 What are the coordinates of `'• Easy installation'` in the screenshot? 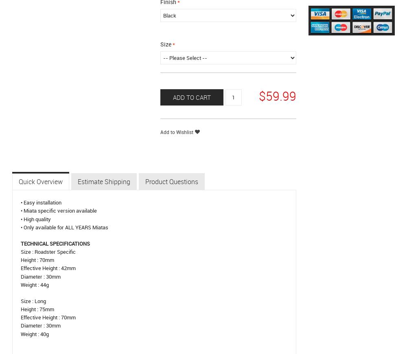 It's located at (41, 202).